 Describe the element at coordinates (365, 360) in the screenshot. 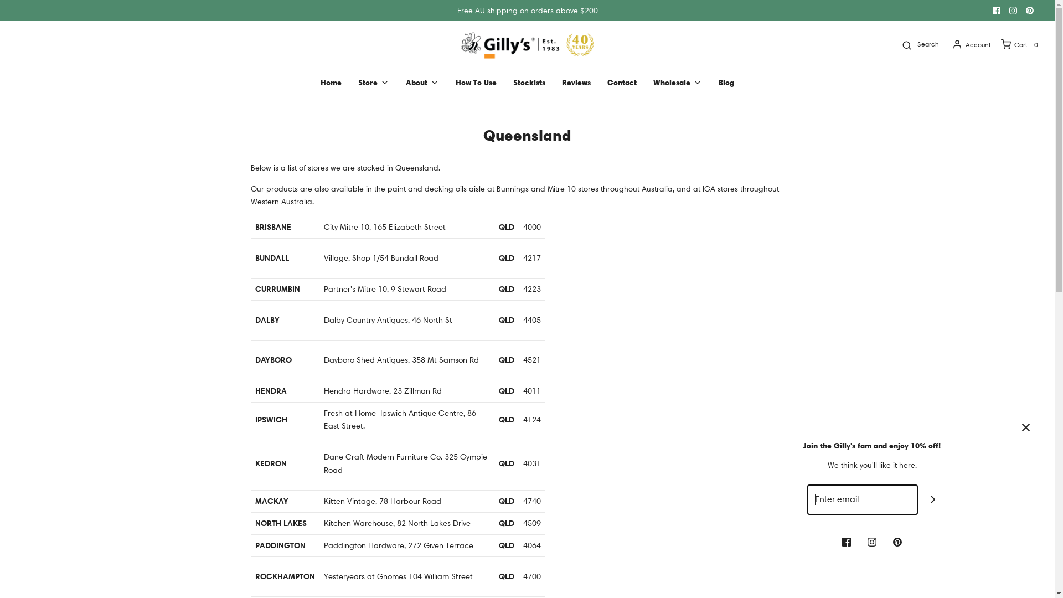

I see `'Dayboro Shed Antiques'` at that location.